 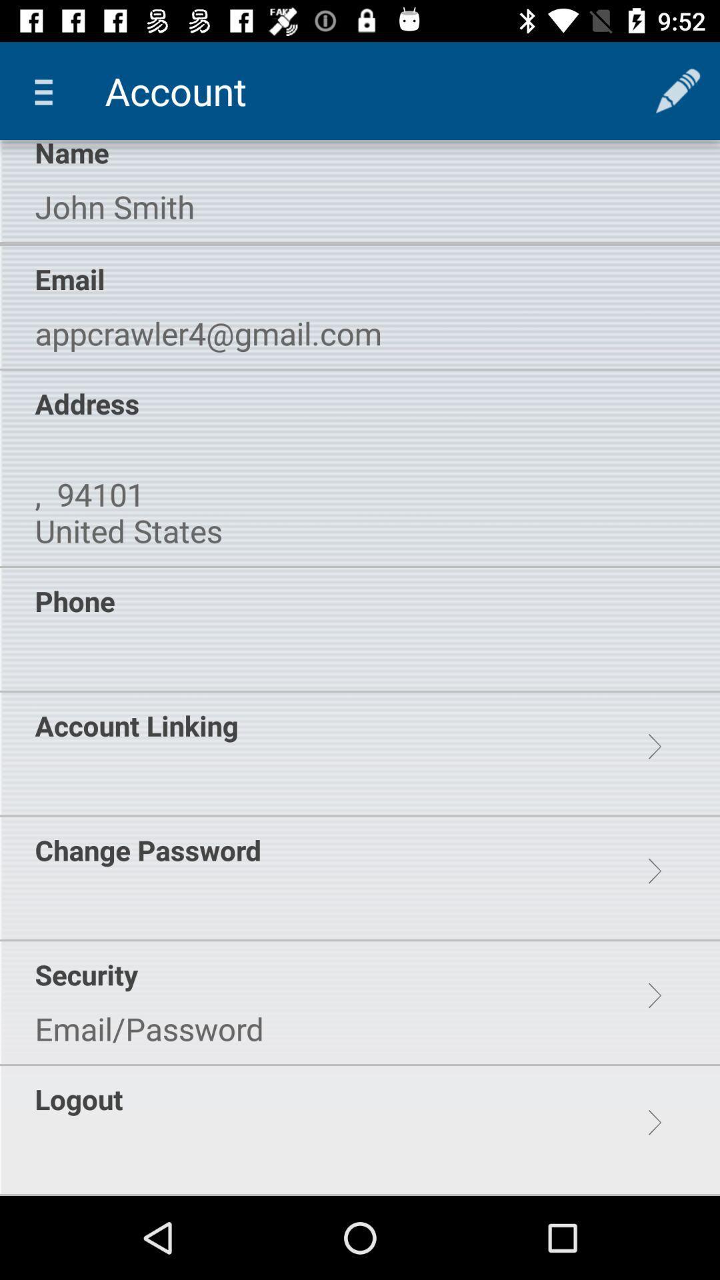 I want to click on email/password icon, so click(x=149, y=1028).